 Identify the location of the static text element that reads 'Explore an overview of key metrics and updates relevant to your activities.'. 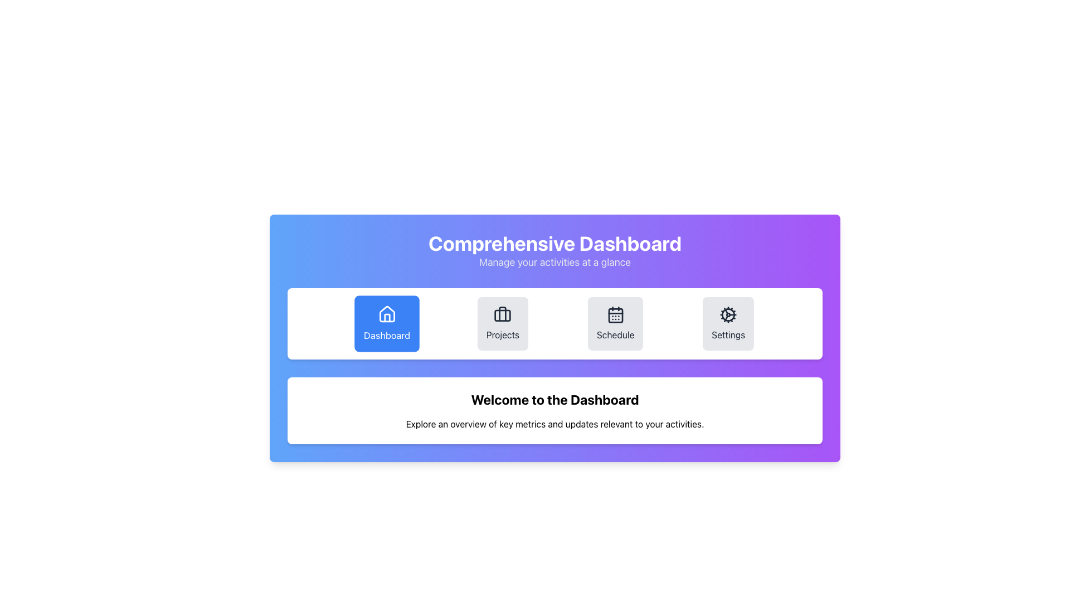
(555, 424).